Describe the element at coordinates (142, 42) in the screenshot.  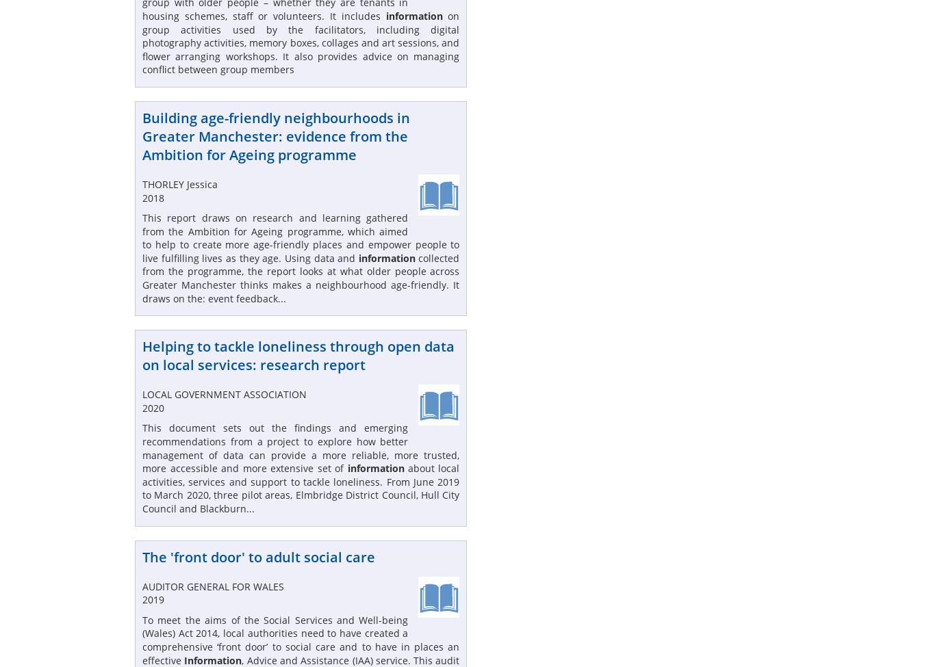
I see `'on group activities used by the facilitators, including digital photography activities, memory boxes, collages and art sessions, and flower arranging workshops. It also provides advice on managing conflict between group members'` at that location.